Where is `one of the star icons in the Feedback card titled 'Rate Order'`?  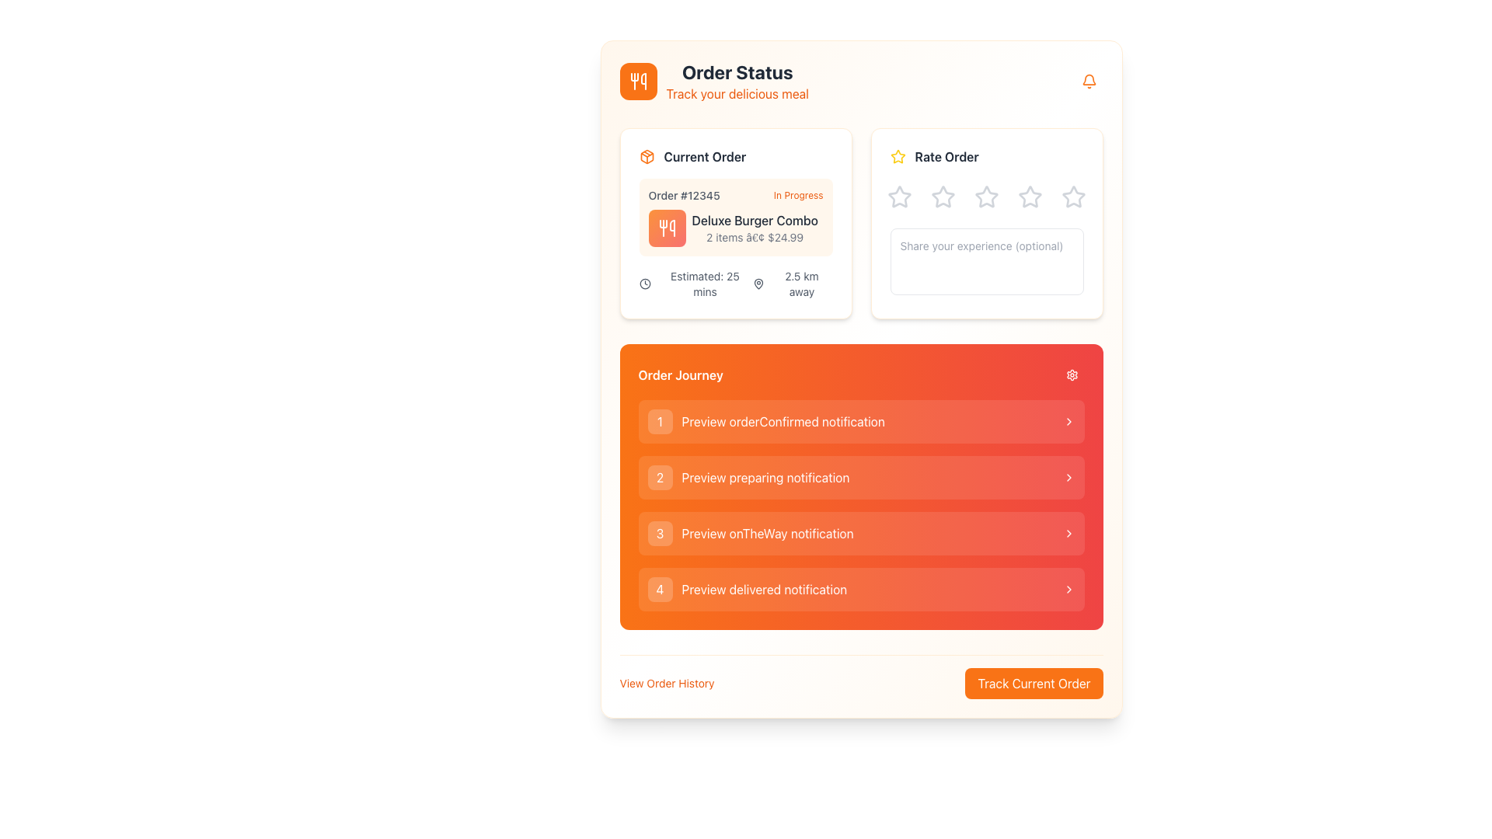 one of the star icons in the Feedback card titled 'Rate Order' is located at coordinates (986, 224).